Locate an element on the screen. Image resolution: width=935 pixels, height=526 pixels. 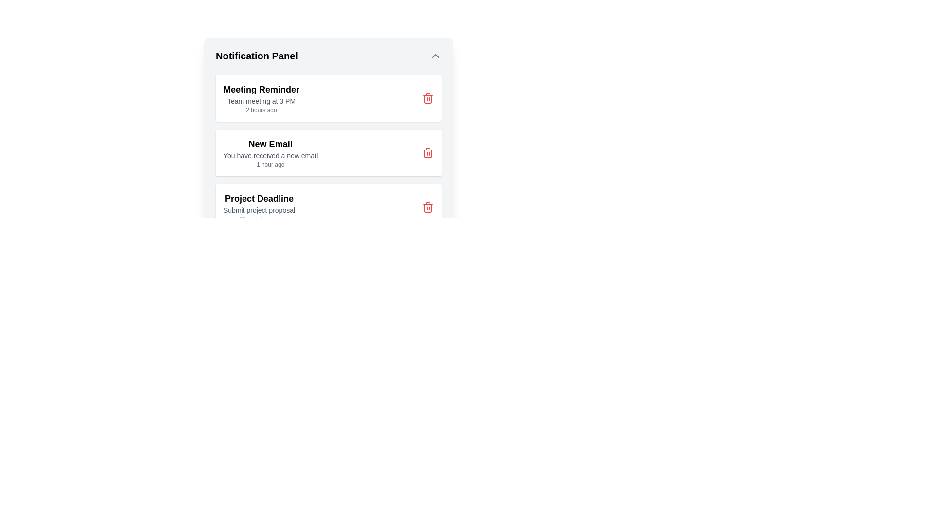
the header Text label in the notification panel that summarizes the event type, located at the top left section above the text 'Team meeting at 3 PM' is located at coordinates (262, 90).